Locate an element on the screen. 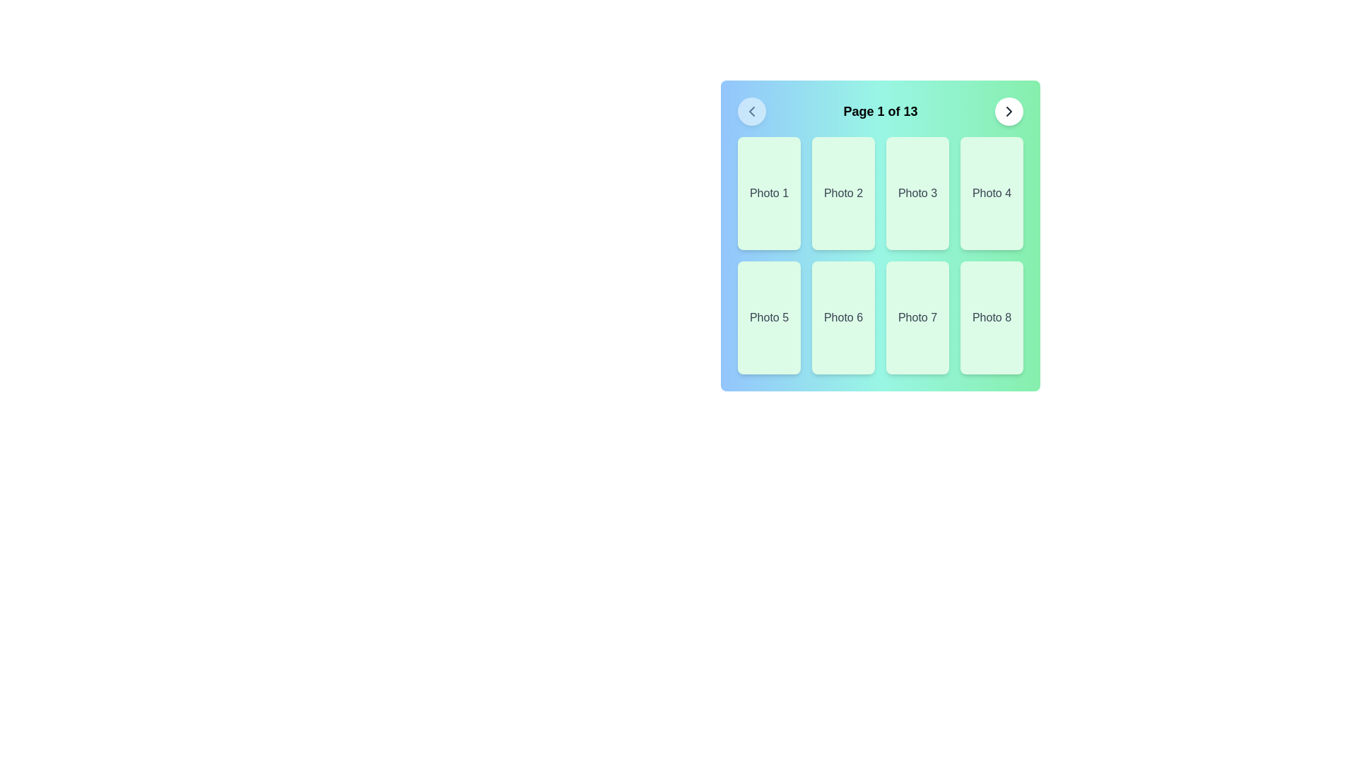  the card representing 'Photo 8' in the second row and fourth column of the grid layout is located at coordinates (991, 318).